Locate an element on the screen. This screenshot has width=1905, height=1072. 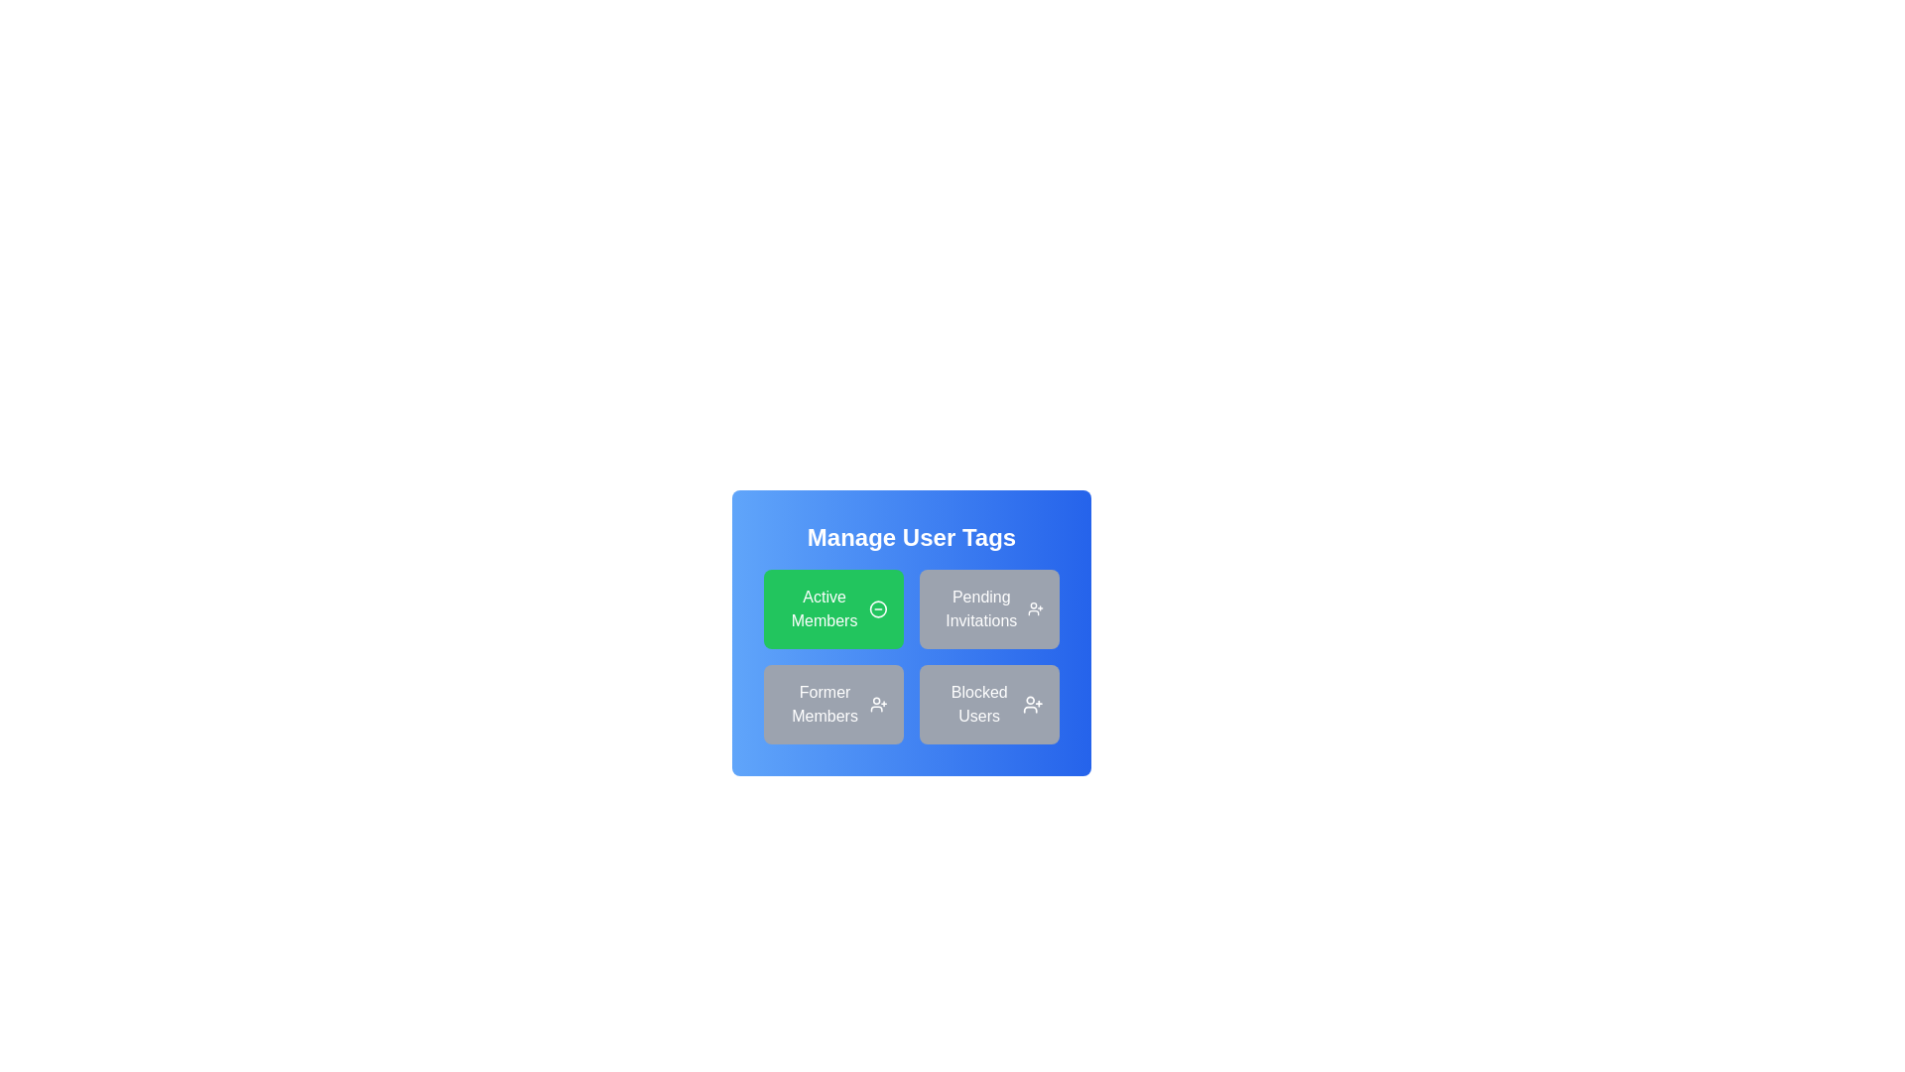
the button related to 'Former Members' located in the lower-left corner of the button grid to trigger a tooltip or visual change is located at coordinates (833, 703).